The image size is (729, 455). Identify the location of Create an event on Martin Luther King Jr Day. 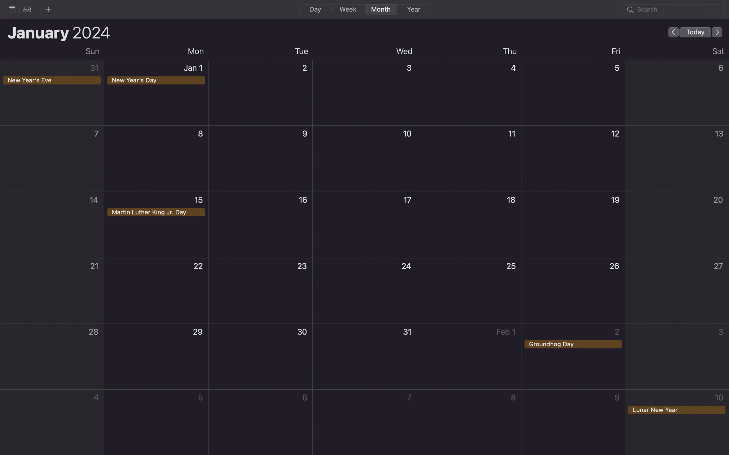
(157, 224).